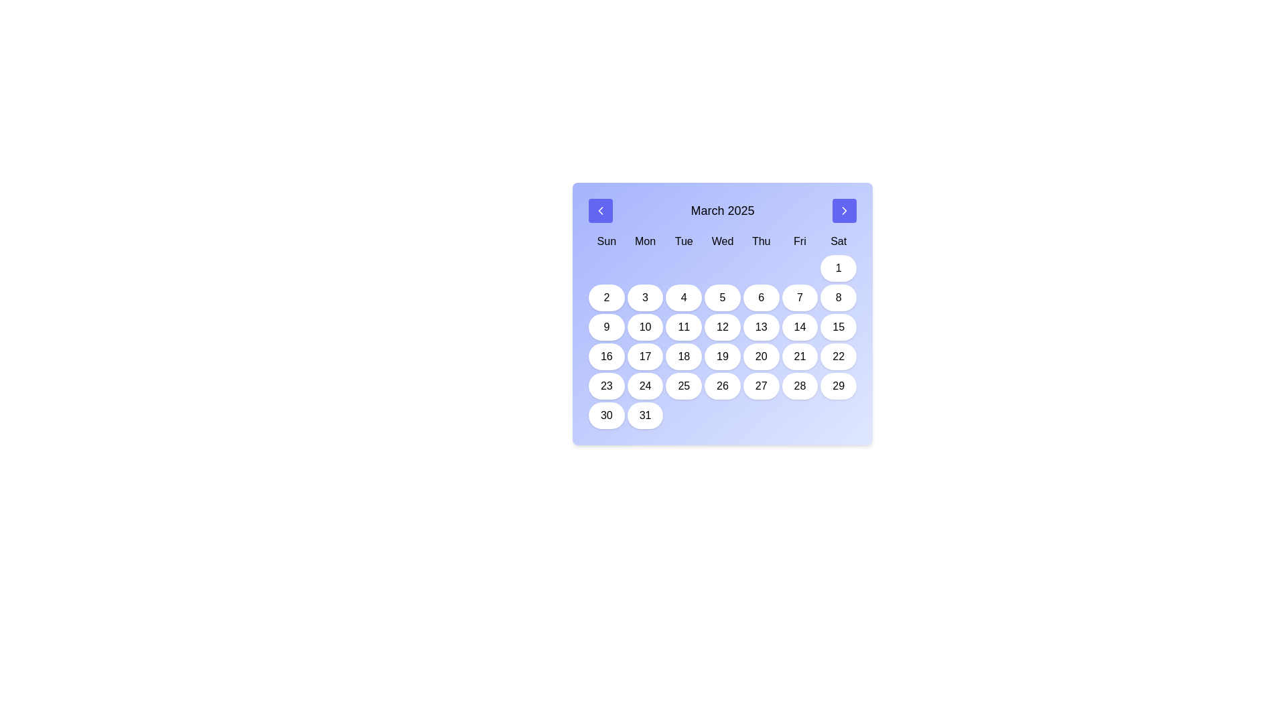 This screenshot has width=1286, height=723. What do you see at coordinates (684, 297) in the screenshot?
I see `the button representing the date '4' in the calendar interface located at the second row and third column to trigger a hover effect` at bounding box center [684, 297].